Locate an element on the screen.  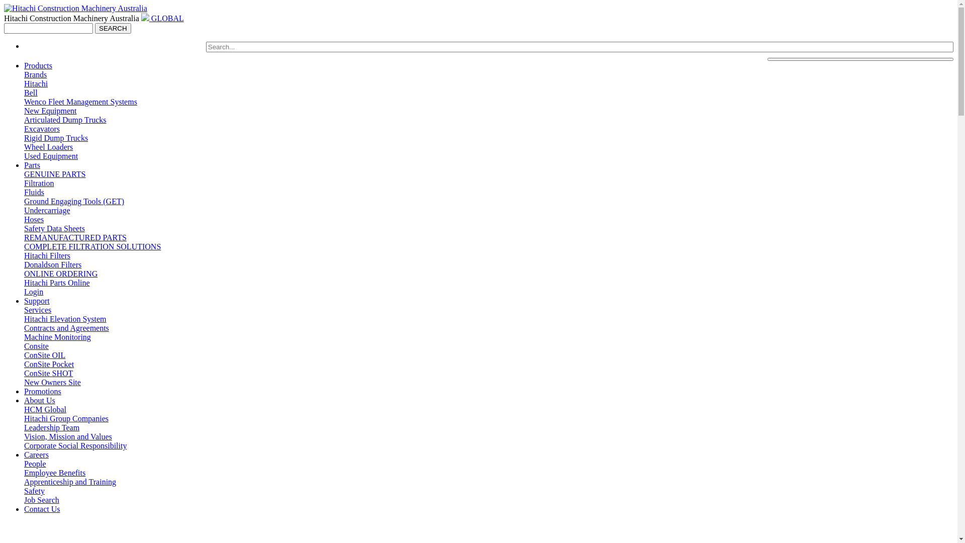
'Bell' is located at coordinates (31, 93).